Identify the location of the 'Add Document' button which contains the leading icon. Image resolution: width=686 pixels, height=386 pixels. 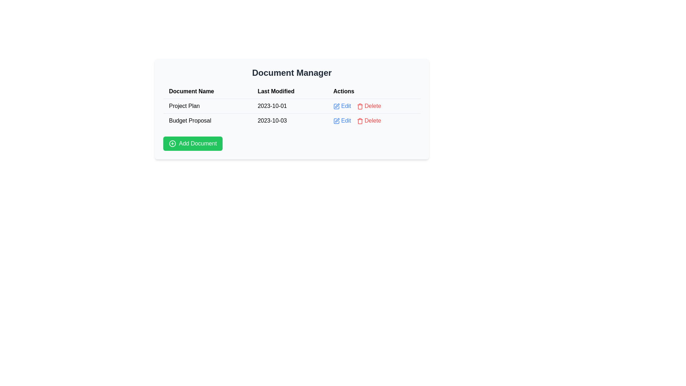
(173, 143).